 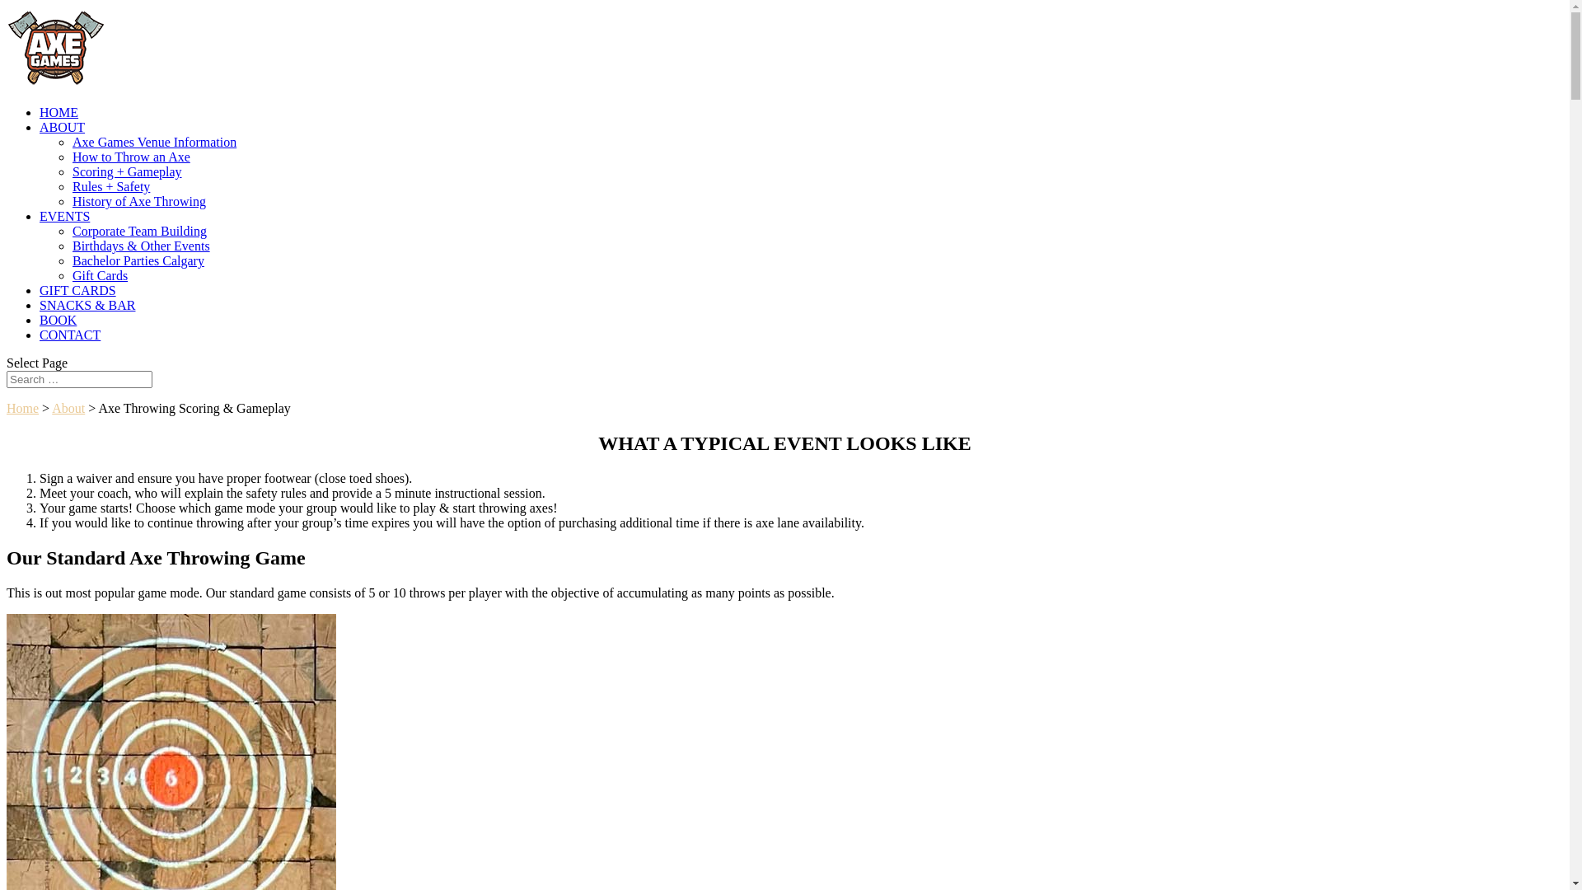 I want to click on 'EVENTS', so click(x=64, y=215).